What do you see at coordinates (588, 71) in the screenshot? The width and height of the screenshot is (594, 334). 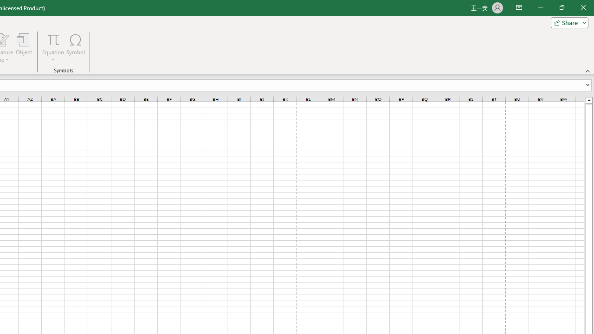 I see `'Collapse the Ribbon'` at bounding box center [588, 71].